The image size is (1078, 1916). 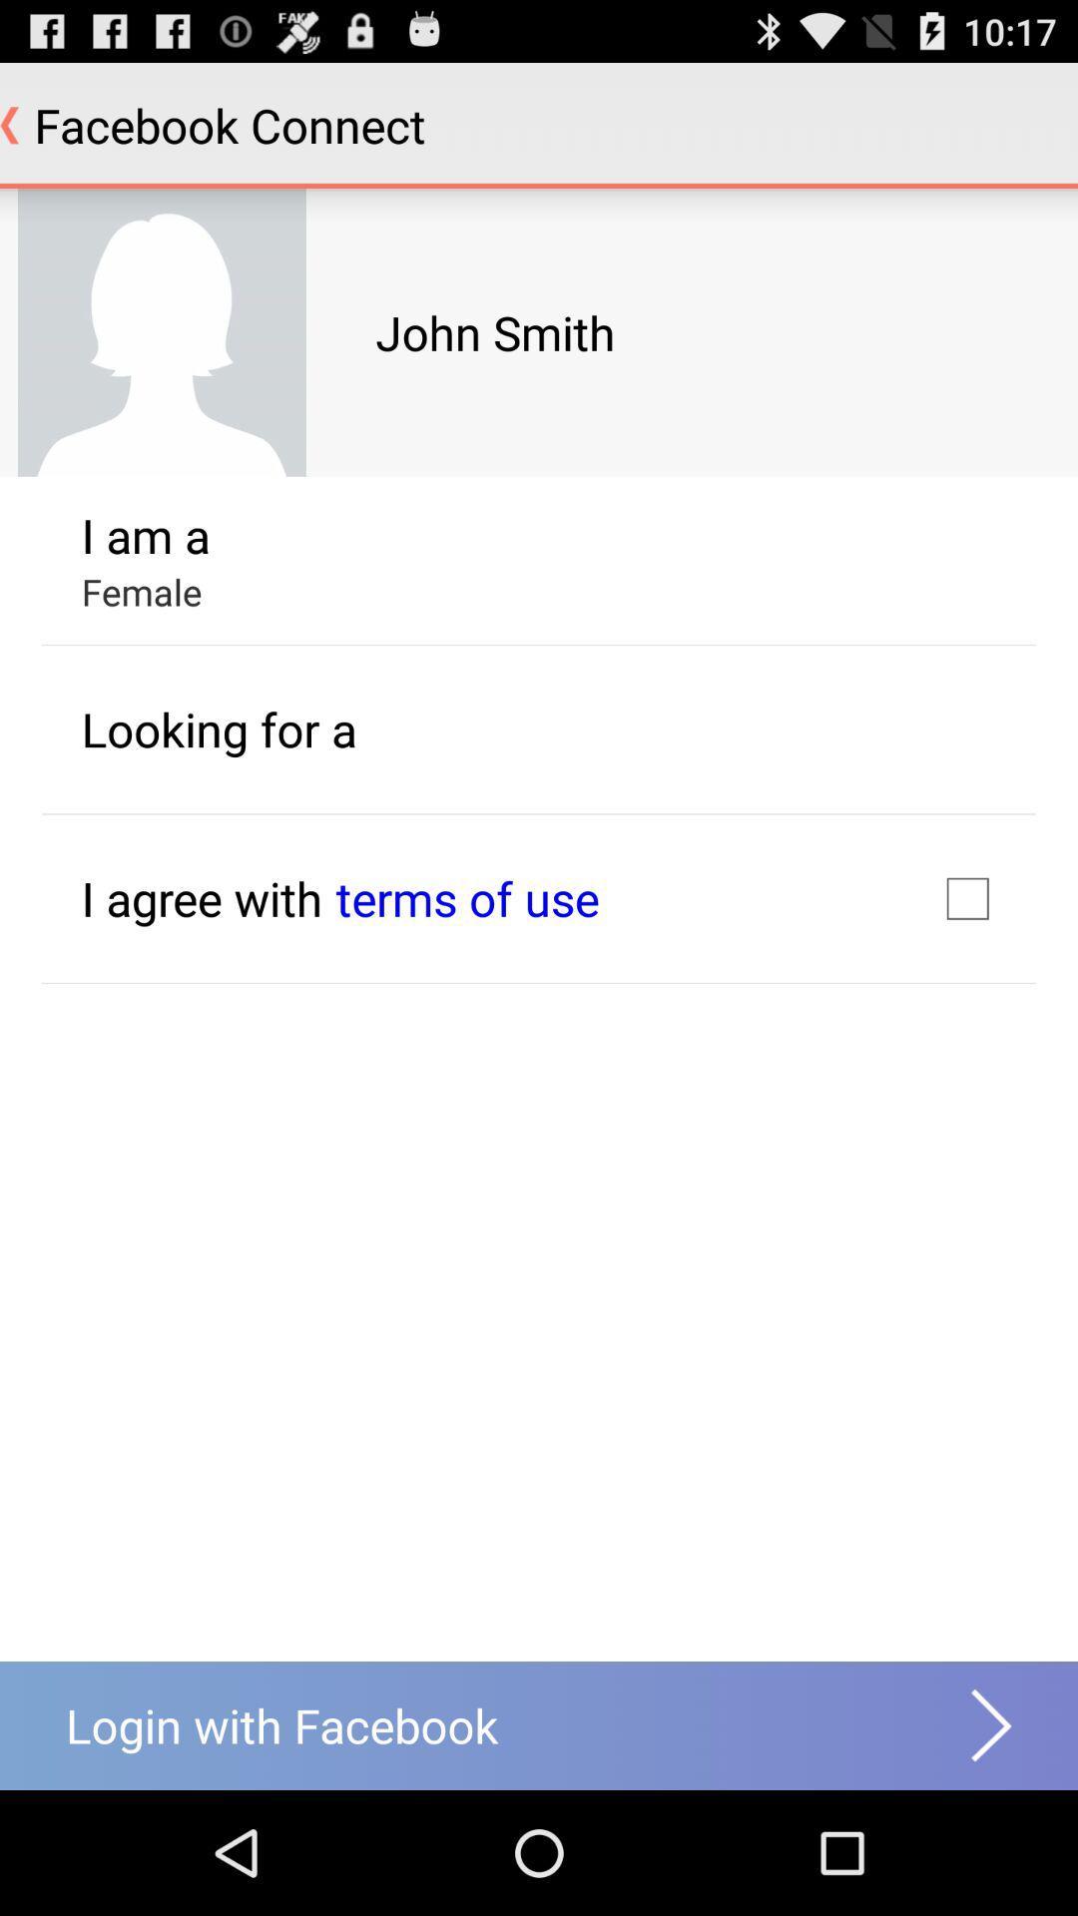 I want to click on the text which is in blue in color, so click(x=468, y=897).